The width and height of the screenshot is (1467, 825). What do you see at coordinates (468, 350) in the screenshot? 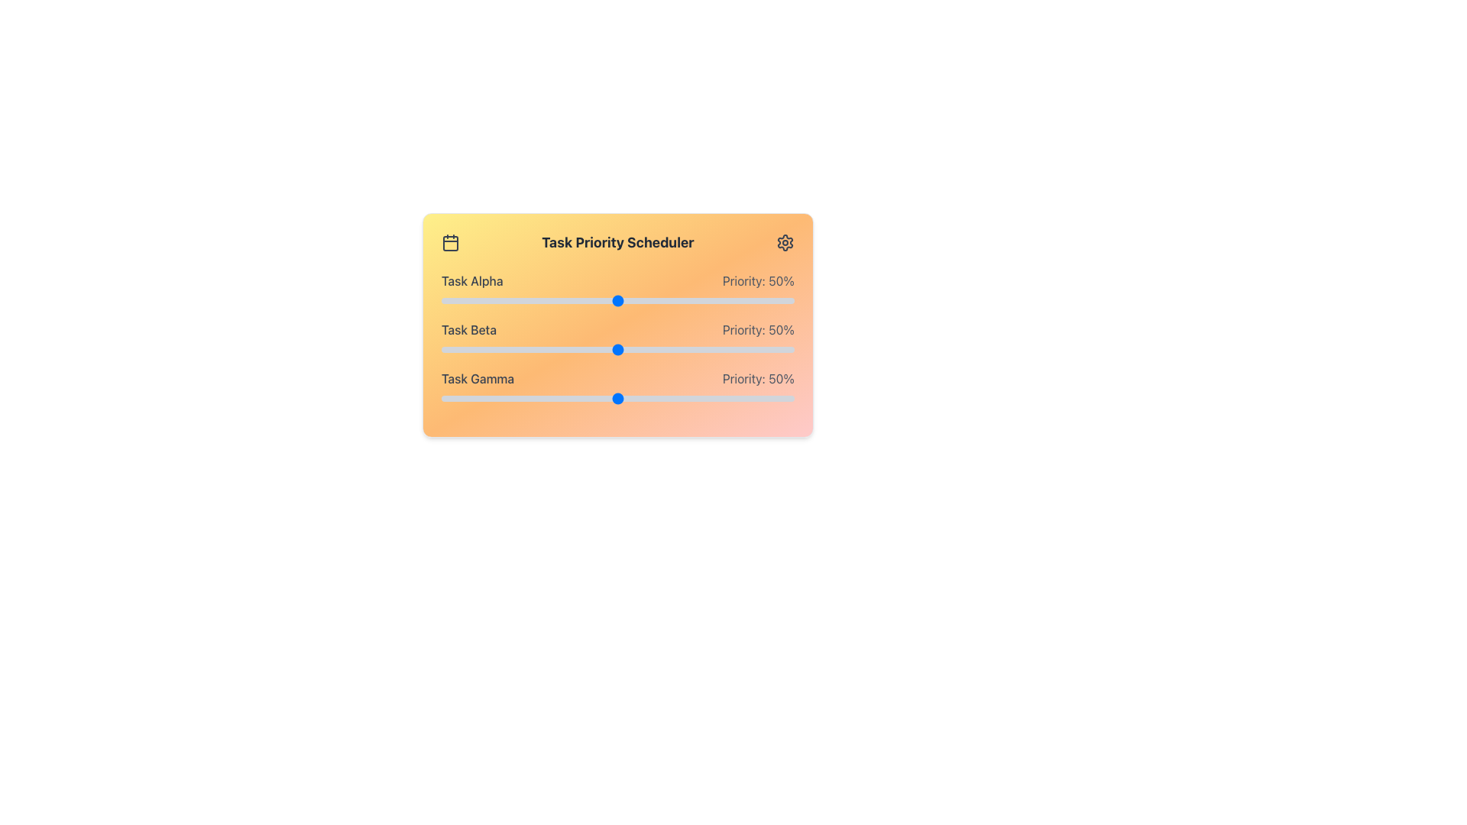
I see `the priority of Task Beta` at bounding box center [468, 350].